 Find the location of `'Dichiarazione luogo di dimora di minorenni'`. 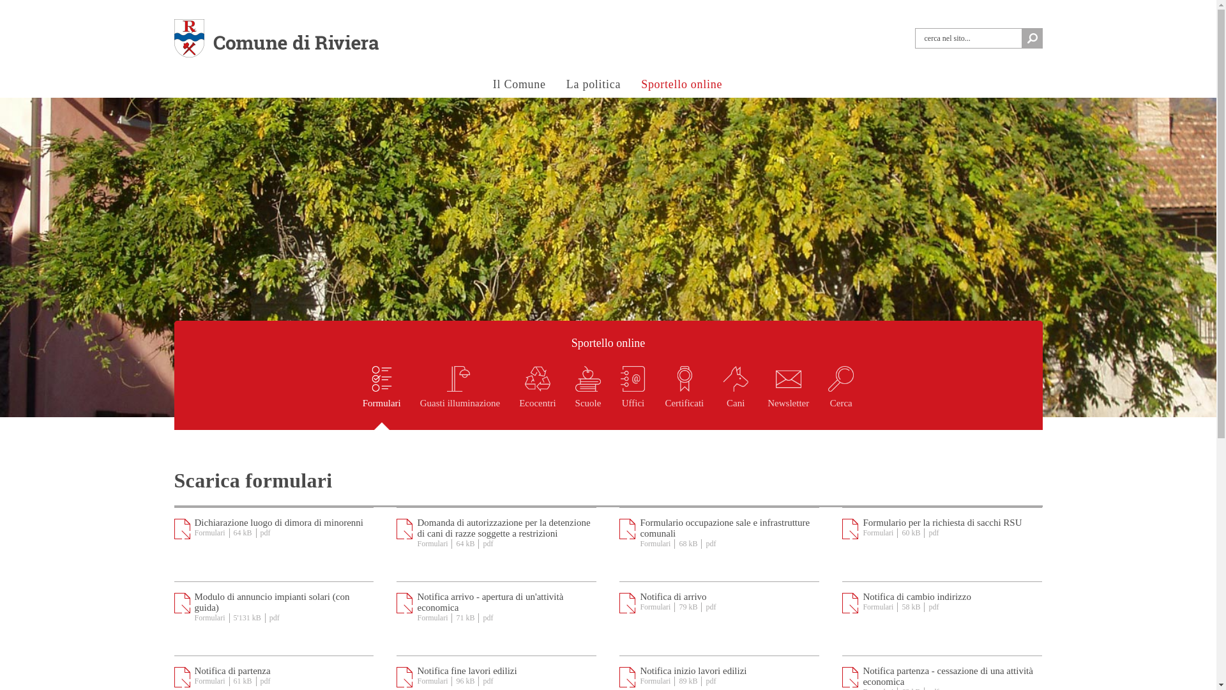

'Dichiarazione luogo di dimora di minorenni' is located at coordinates (193, 522).